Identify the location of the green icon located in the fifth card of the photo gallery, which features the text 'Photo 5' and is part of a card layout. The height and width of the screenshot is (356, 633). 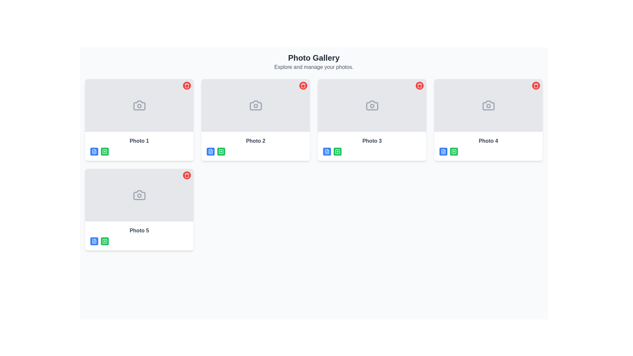
(139, 236).